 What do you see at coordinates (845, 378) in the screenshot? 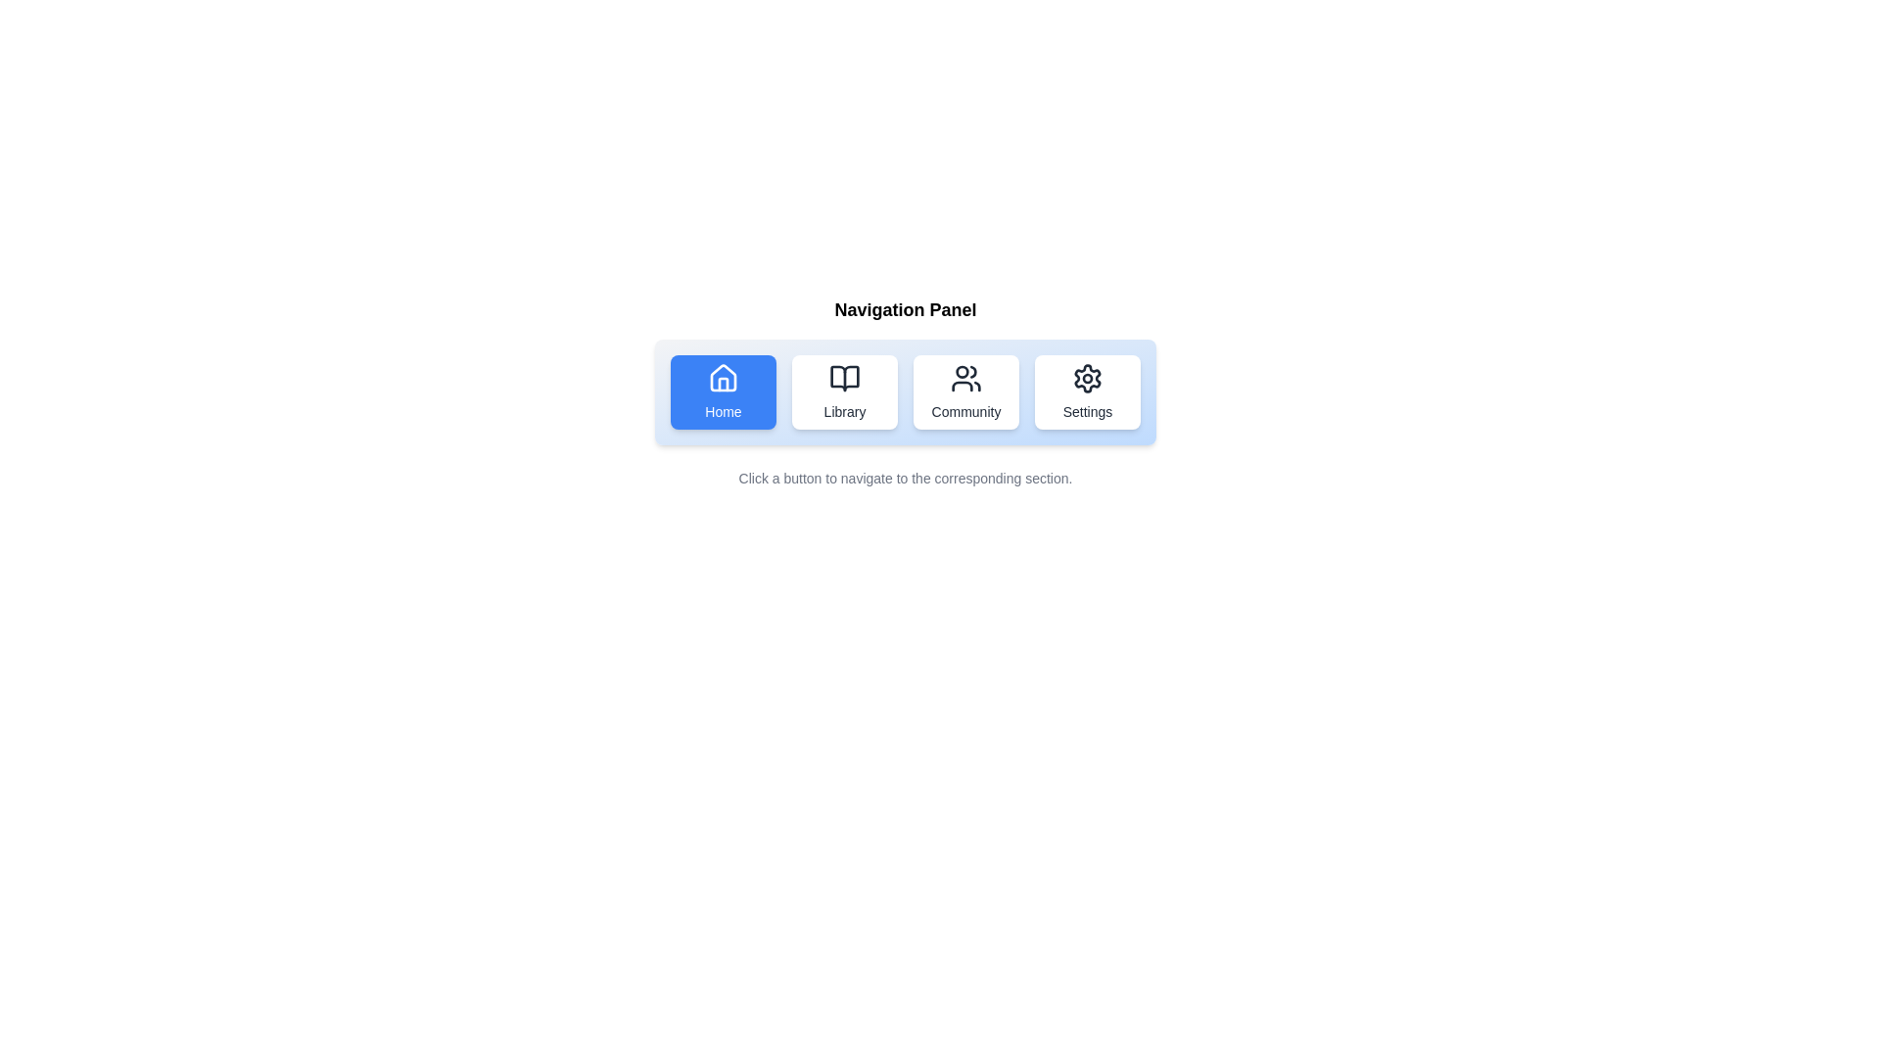
I see `the book icon within the 'Library' button, which is the second button from the left in the navigation row` at bounding box center [845, 378].